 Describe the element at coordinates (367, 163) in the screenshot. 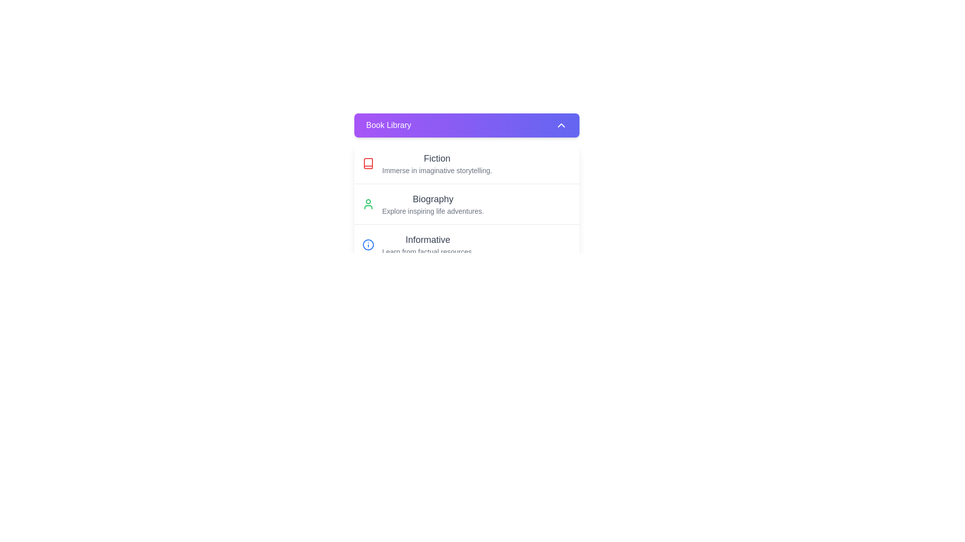

I see `the graphical icon representing the 'Fiction' section in the library, located beside the 'Fiction' label at the top left of the category list` at that location.